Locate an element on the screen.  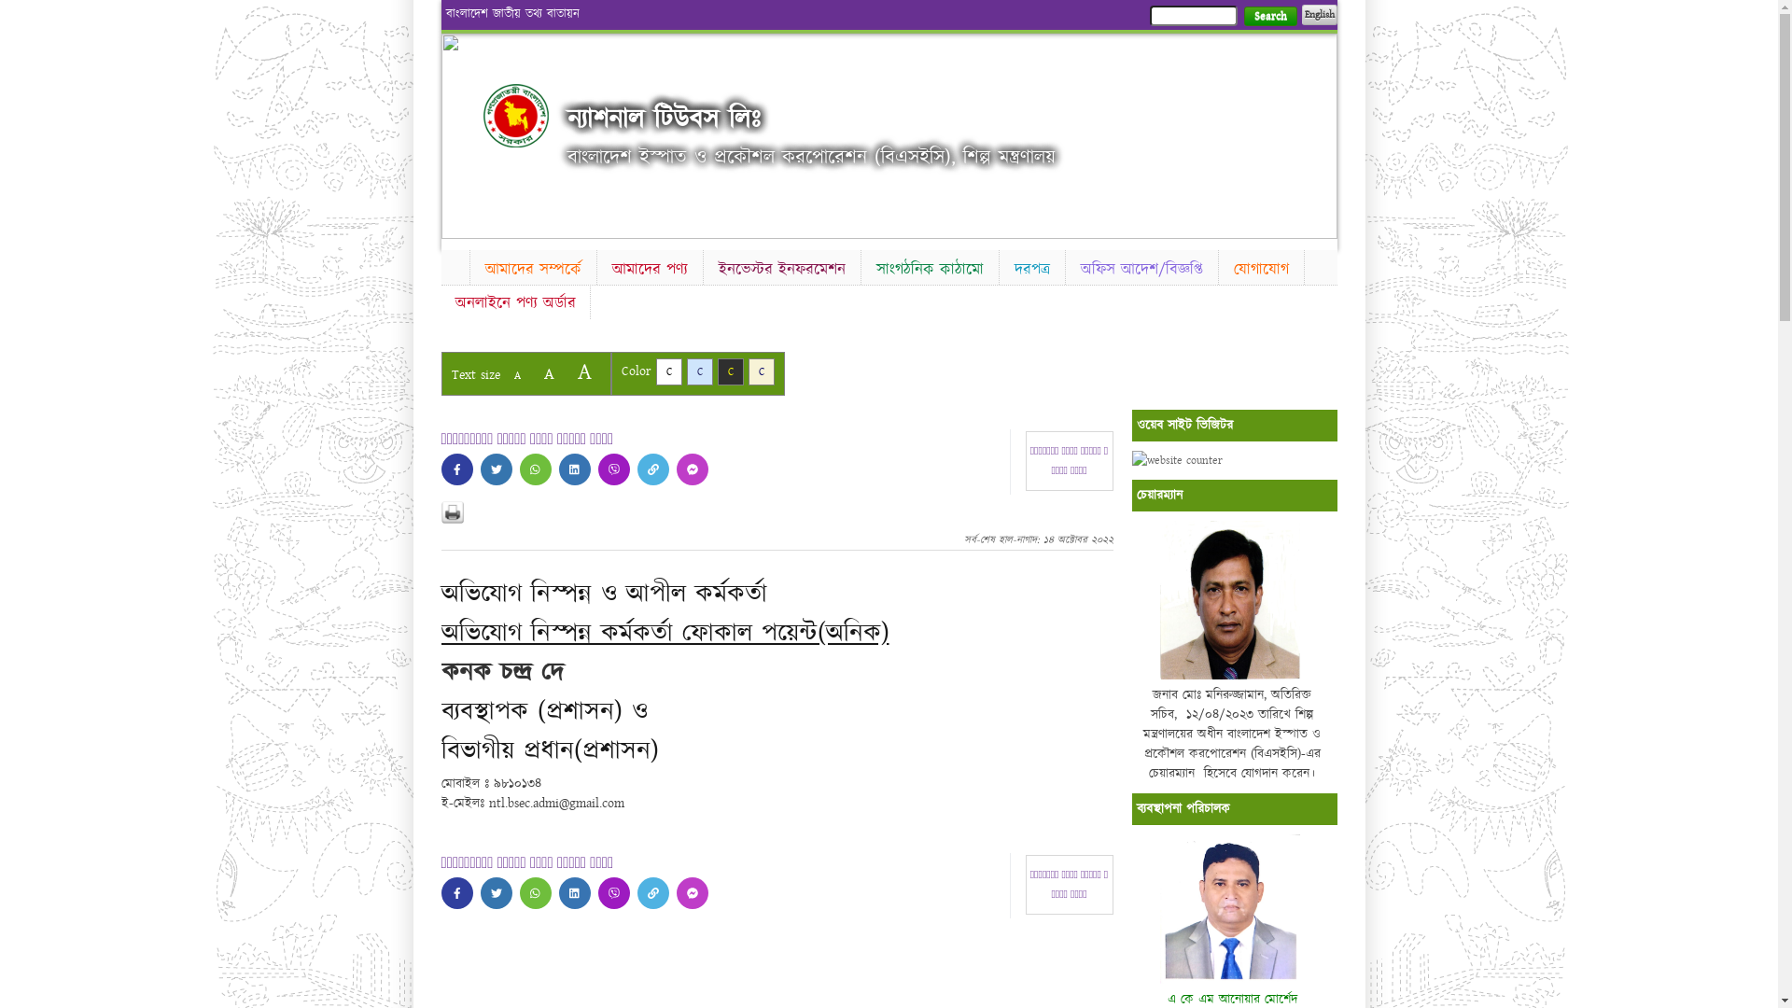
'A' is located at coordinates (532, 373).